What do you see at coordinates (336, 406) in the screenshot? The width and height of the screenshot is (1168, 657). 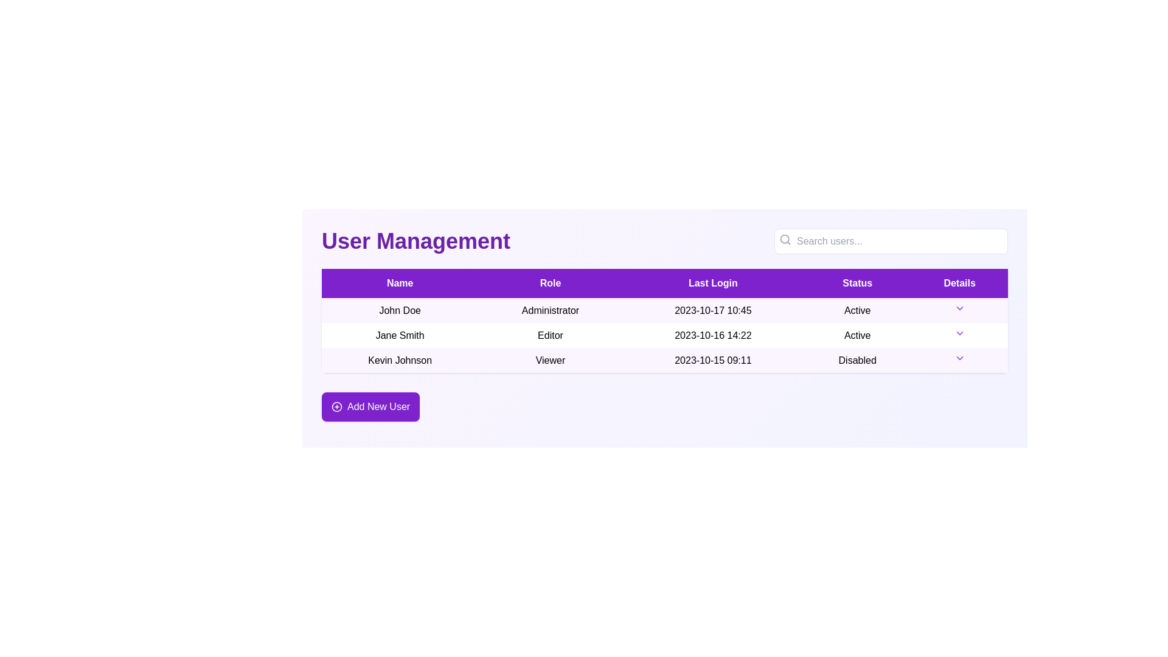 I see `the circular part of the 'Add New User' button icon, which contains a plus sign, located at the bottom-left area of the user interface` at bounding box center [336, 406].